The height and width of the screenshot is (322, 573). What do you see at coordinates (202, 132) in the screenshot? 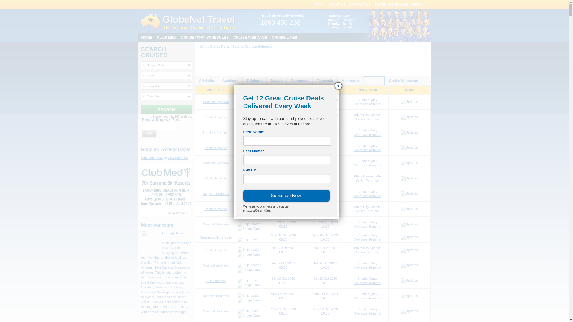
I see `'Sapphire Princess'` at bounding box center [202, 132].